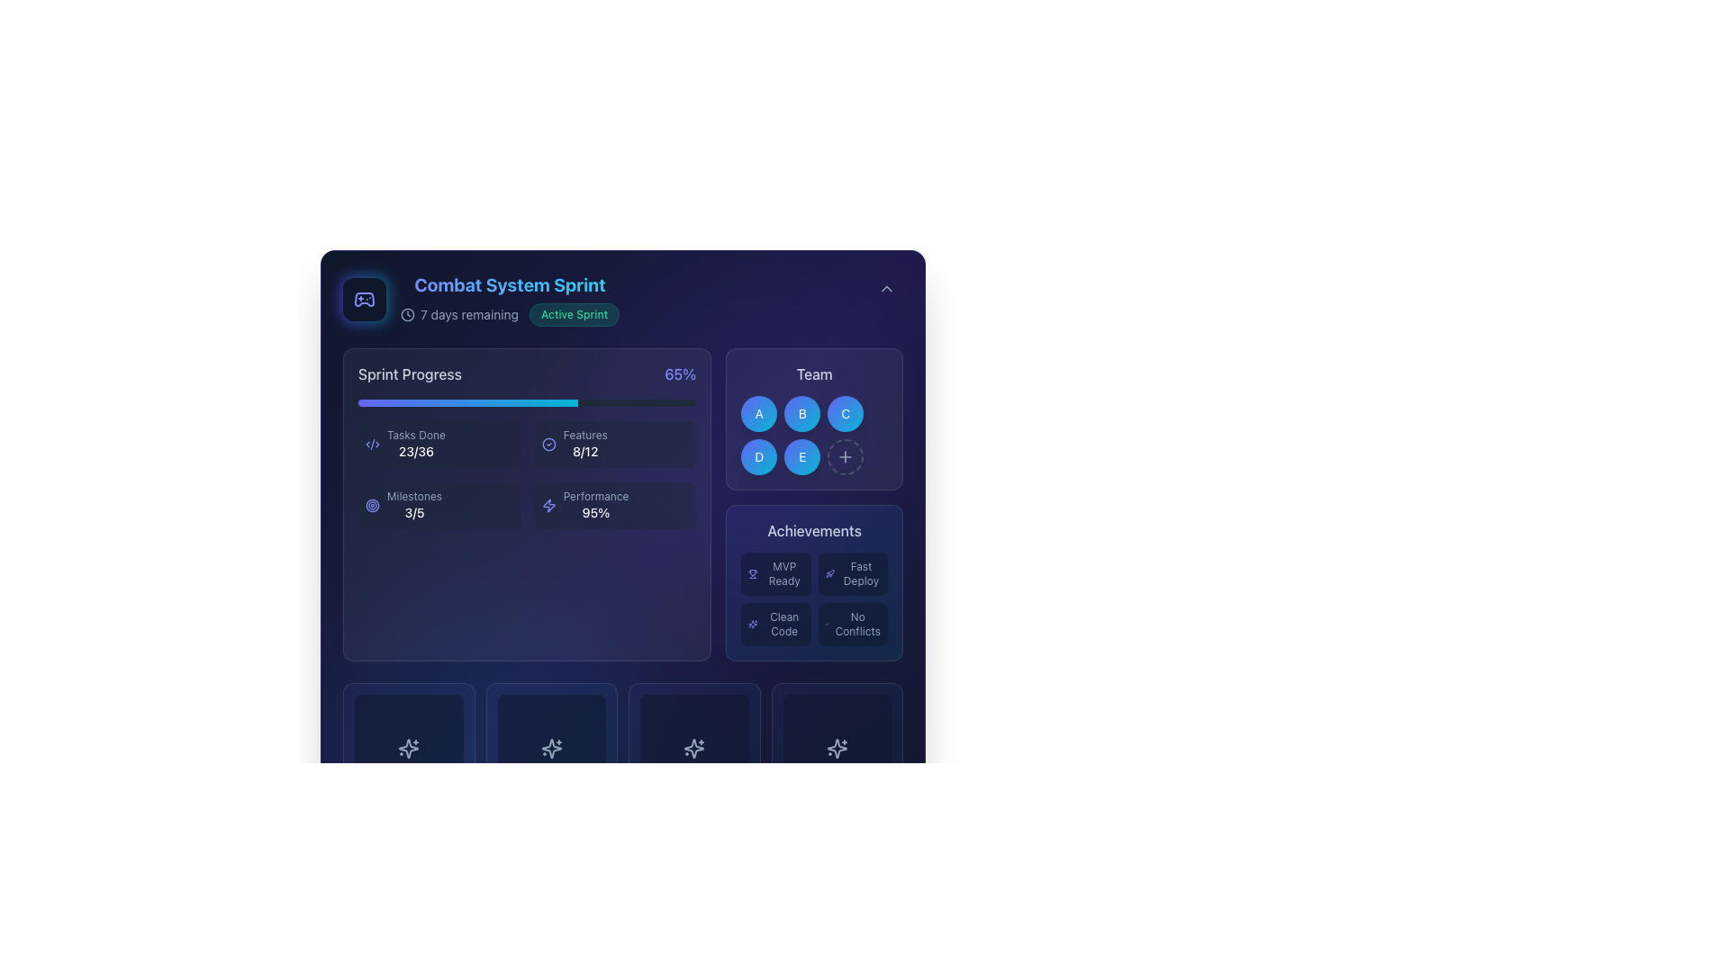 The image size is (1729, 972). I want to click on the static text '7 days remaining' with the clock icon, located just below the 'Combat System Sprint' header, so click(459, 314).